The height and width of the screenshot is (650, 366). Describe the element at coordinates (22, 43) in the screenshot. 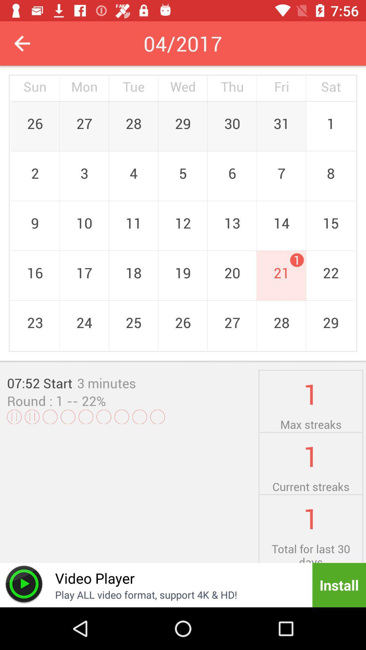

I see `the arrow_backward icon` at that location.